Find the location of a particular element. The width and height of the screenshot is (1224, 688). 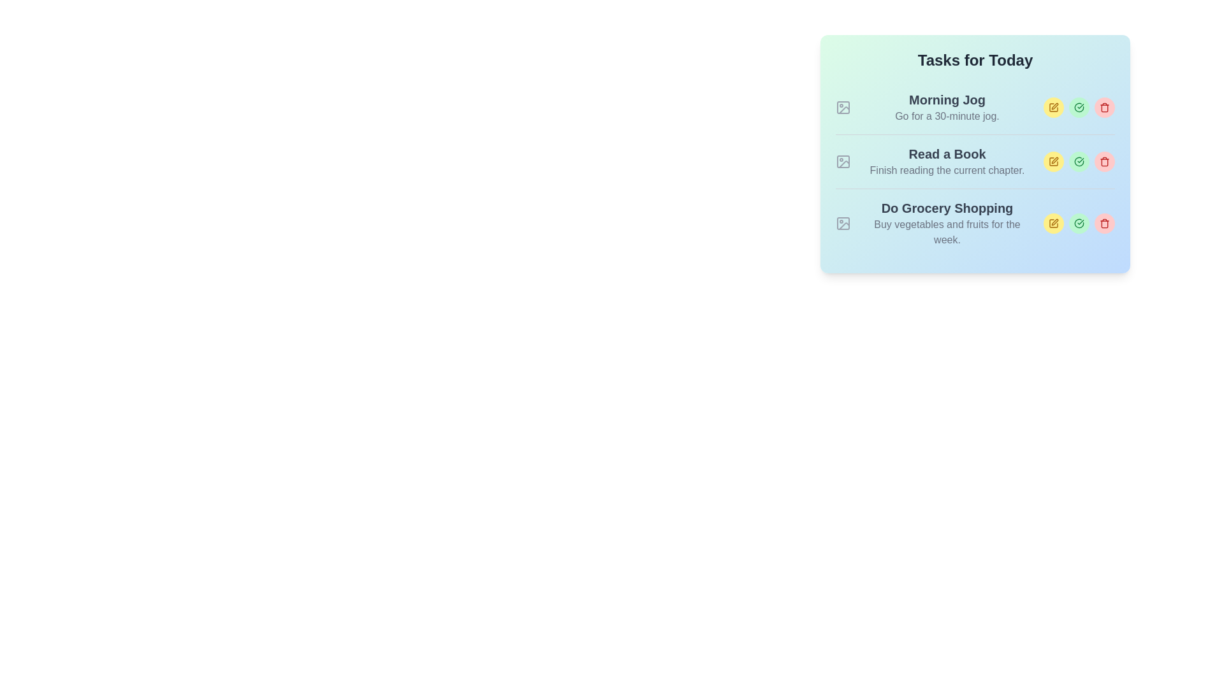

the button that marks the 'Do Grocery Shopping' task as completed is located at coordinates (1079, 223).